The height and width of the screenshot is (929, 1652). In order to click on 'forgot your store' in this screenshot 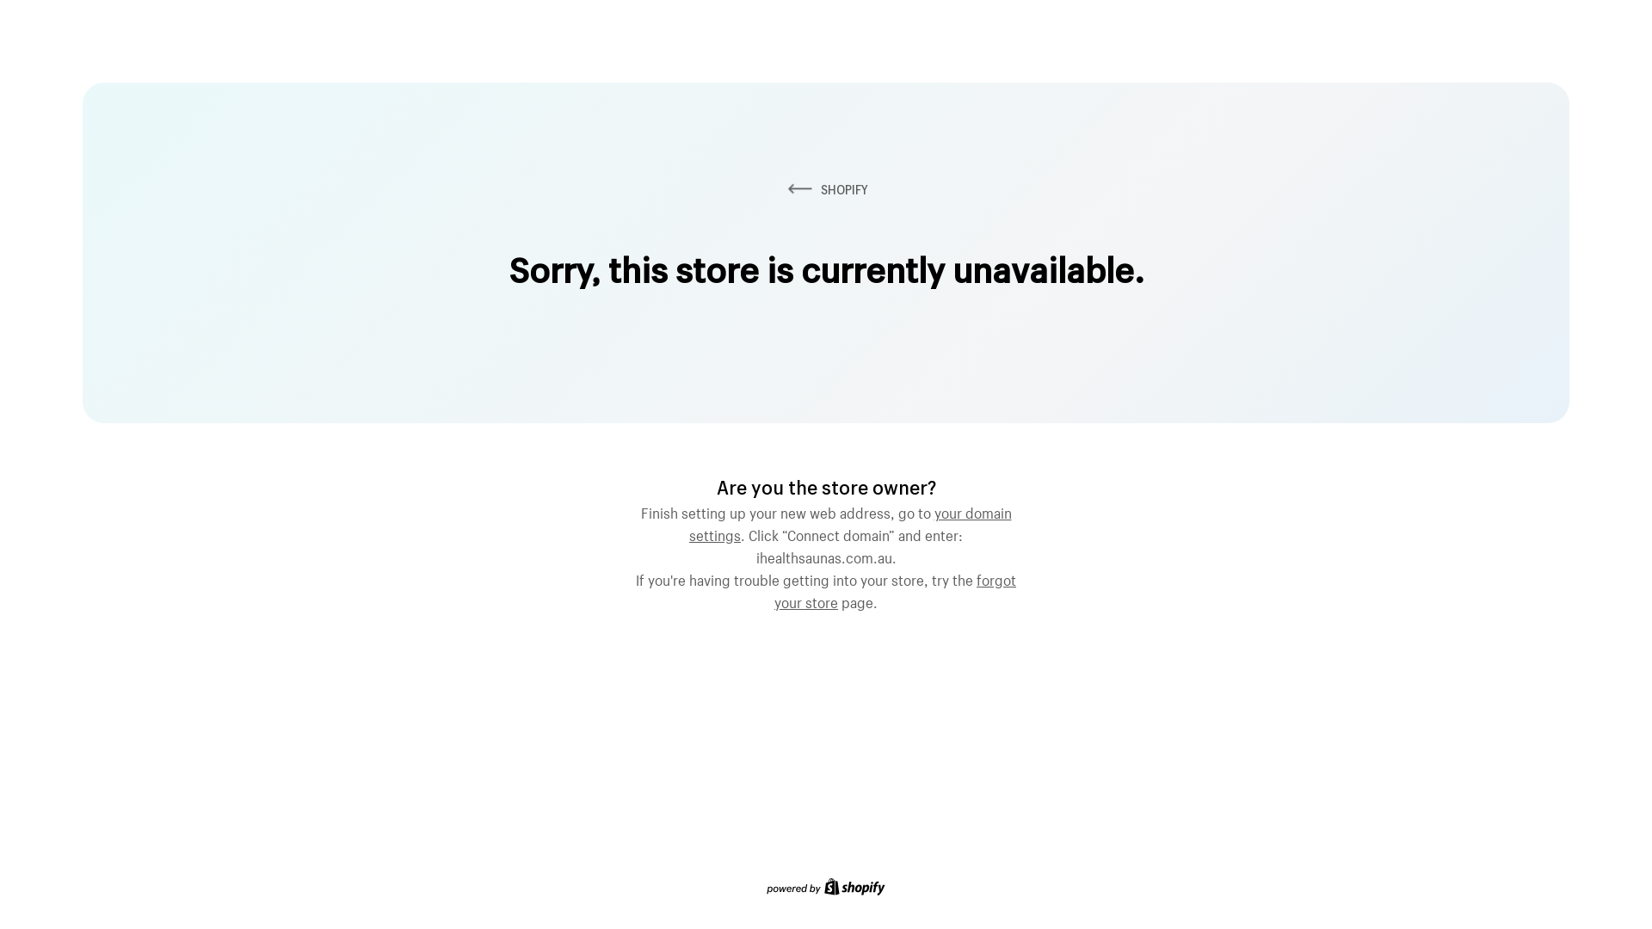, I will do `click(895, 588)`.